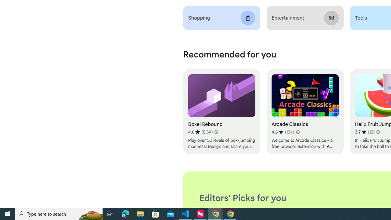  I want to click on 'Average rating 3.7 out of 5 stars. 12 ratings.', so click(365, 132).